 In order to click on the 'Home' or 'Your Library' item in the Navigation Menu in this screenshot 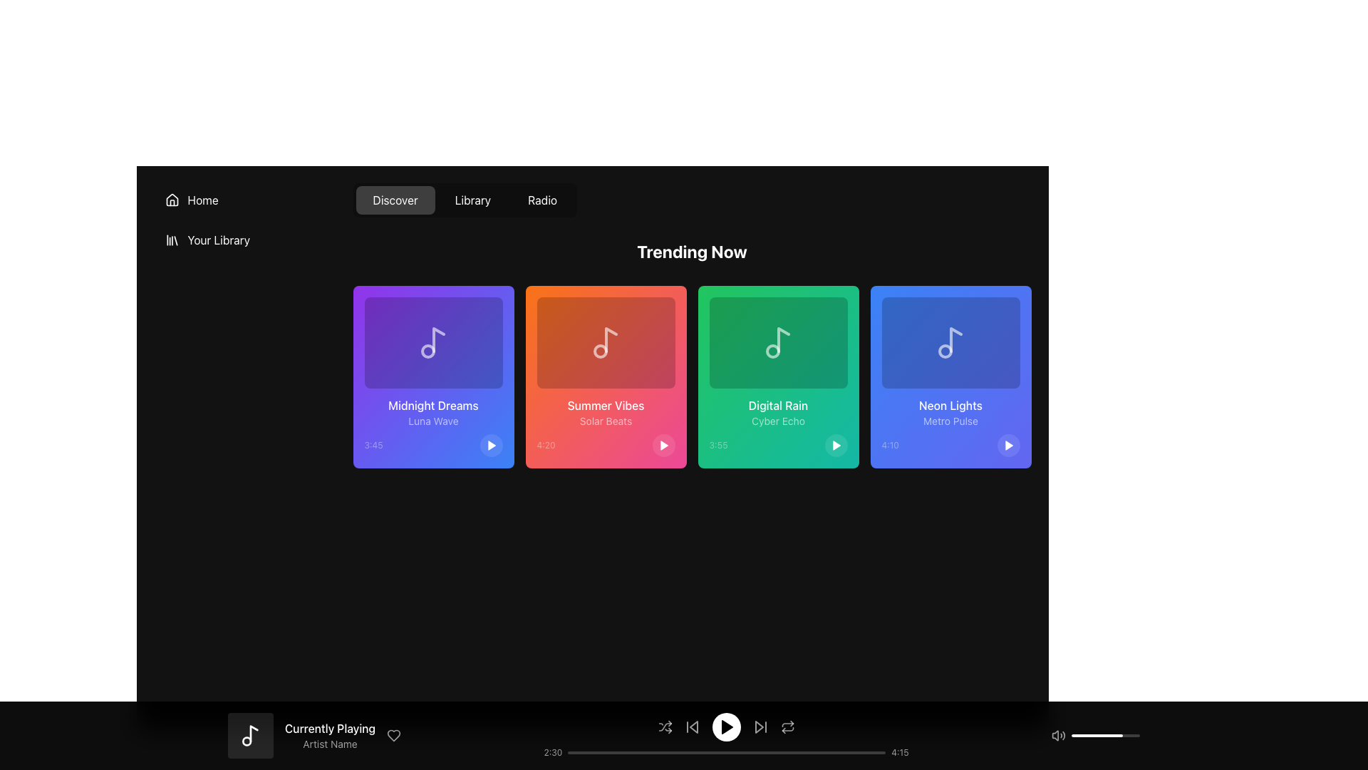, I will do `click(244, 220)`.